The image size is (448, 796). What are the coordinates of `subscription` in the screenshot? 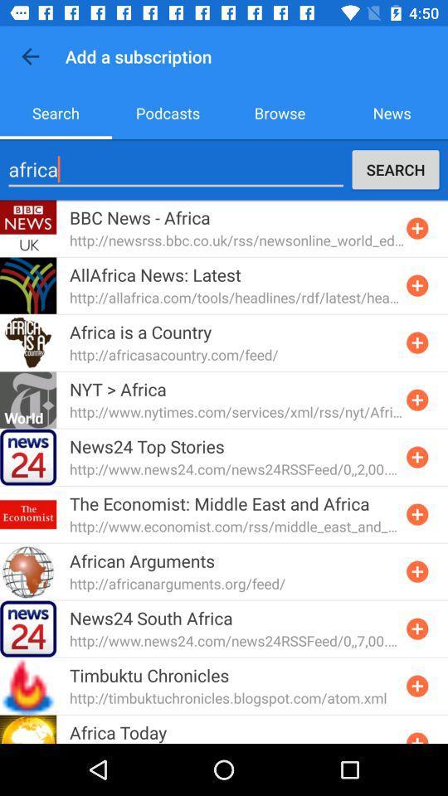 It's located at (416, 342).